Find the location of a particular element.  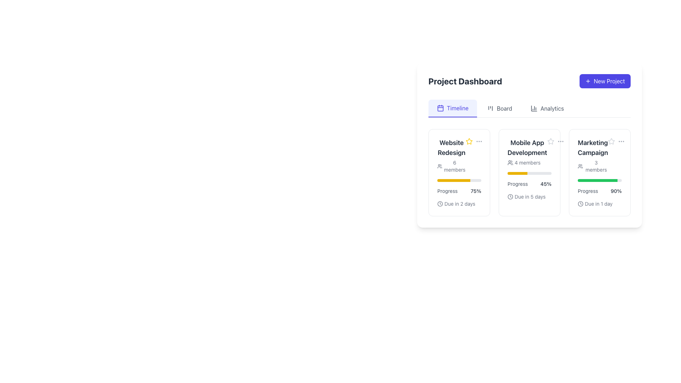

the filled section of the Progress bar located within the 'Website Redesign' card, directly below the 'Progress' label and the percentage text '75% is located at coordinates (453, 180).